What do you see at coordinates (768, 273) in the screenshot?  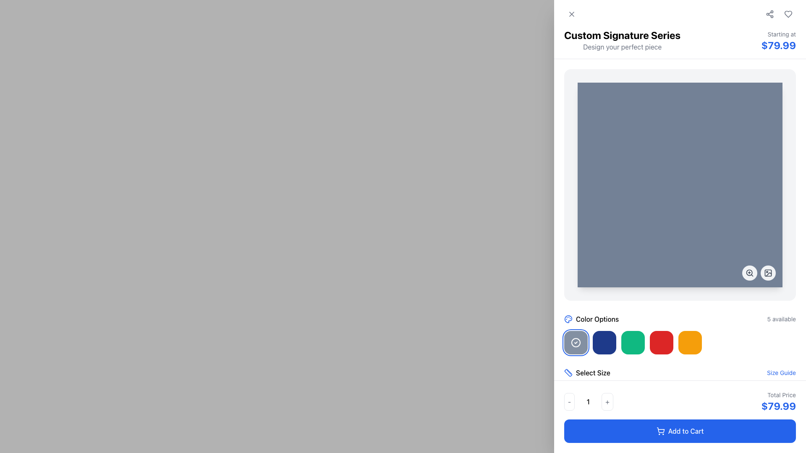 I see `the second button in the pair of action buttons located at the bottom-right corner of the image viewer area` at bounding box center [768, 273].